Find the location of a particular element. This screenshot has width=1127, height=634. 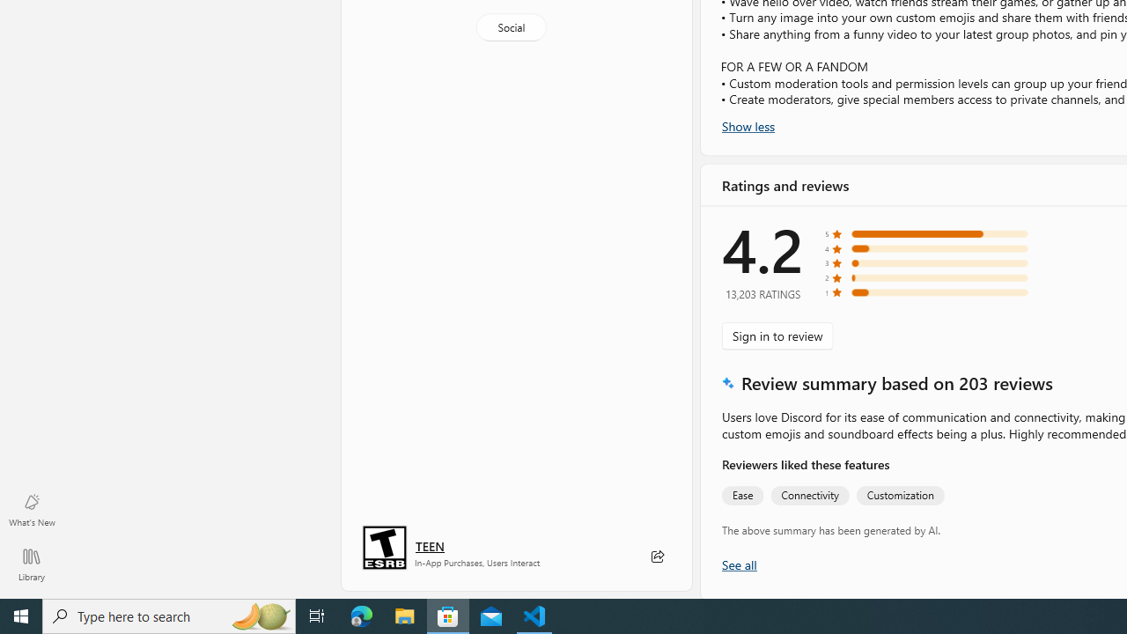

'Share' is located at coordinates (656, 557).